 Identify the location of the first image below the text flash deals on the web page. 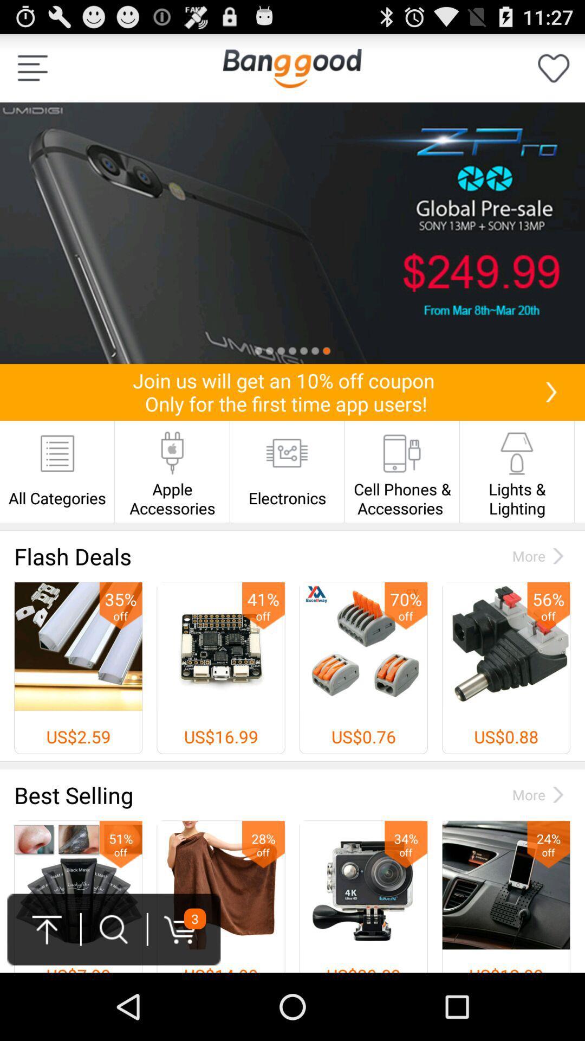
(78, 646).